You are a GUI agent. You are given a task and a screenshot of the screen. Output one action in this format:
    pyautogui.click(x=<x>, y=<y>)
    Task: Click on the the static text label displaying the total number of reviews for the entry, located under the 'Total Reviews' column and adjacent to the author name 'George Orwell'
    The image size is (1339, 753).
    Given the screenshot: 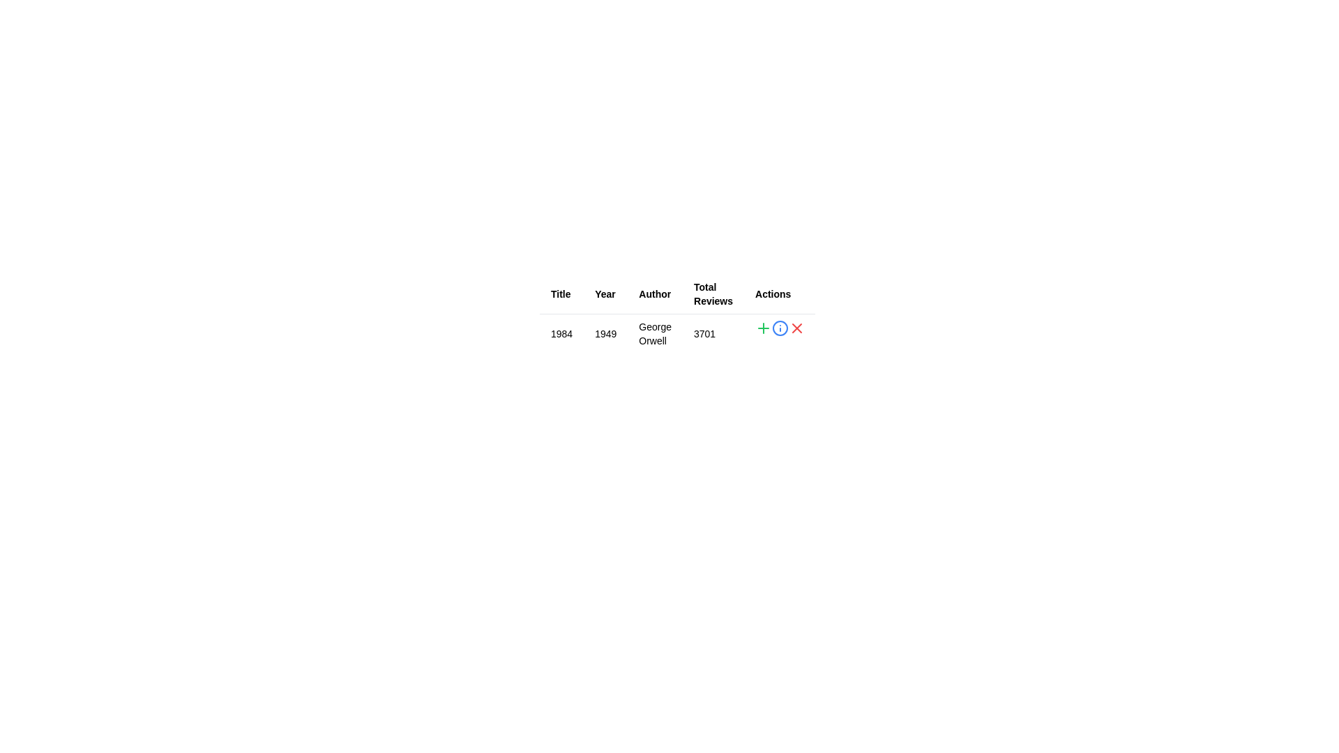 What is the action you would take?
    pyautogui.click(x=713, y=333)
    